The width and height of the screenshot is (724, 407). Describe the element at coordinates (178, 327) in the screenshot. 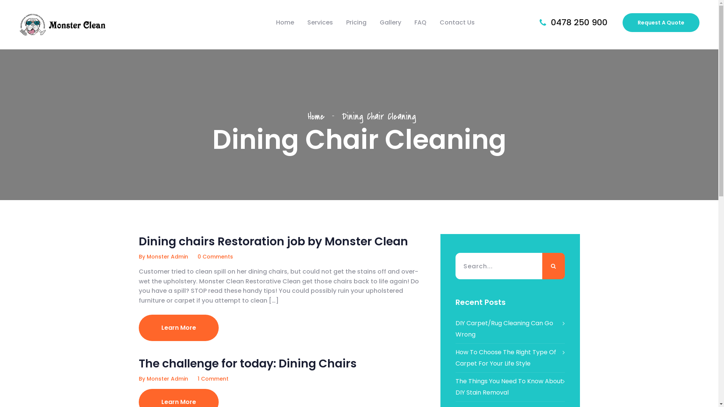

I see `'Learn More'` at that location.